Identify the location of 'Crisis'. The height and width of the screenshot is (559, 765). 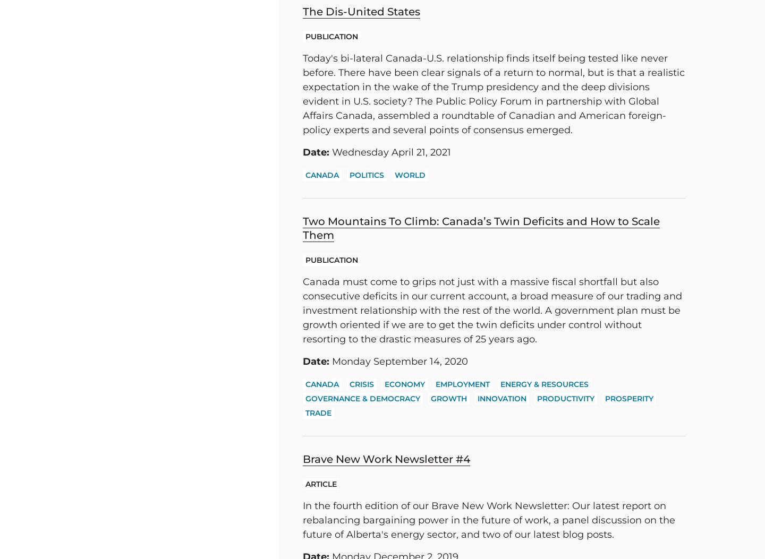
(361, 384).